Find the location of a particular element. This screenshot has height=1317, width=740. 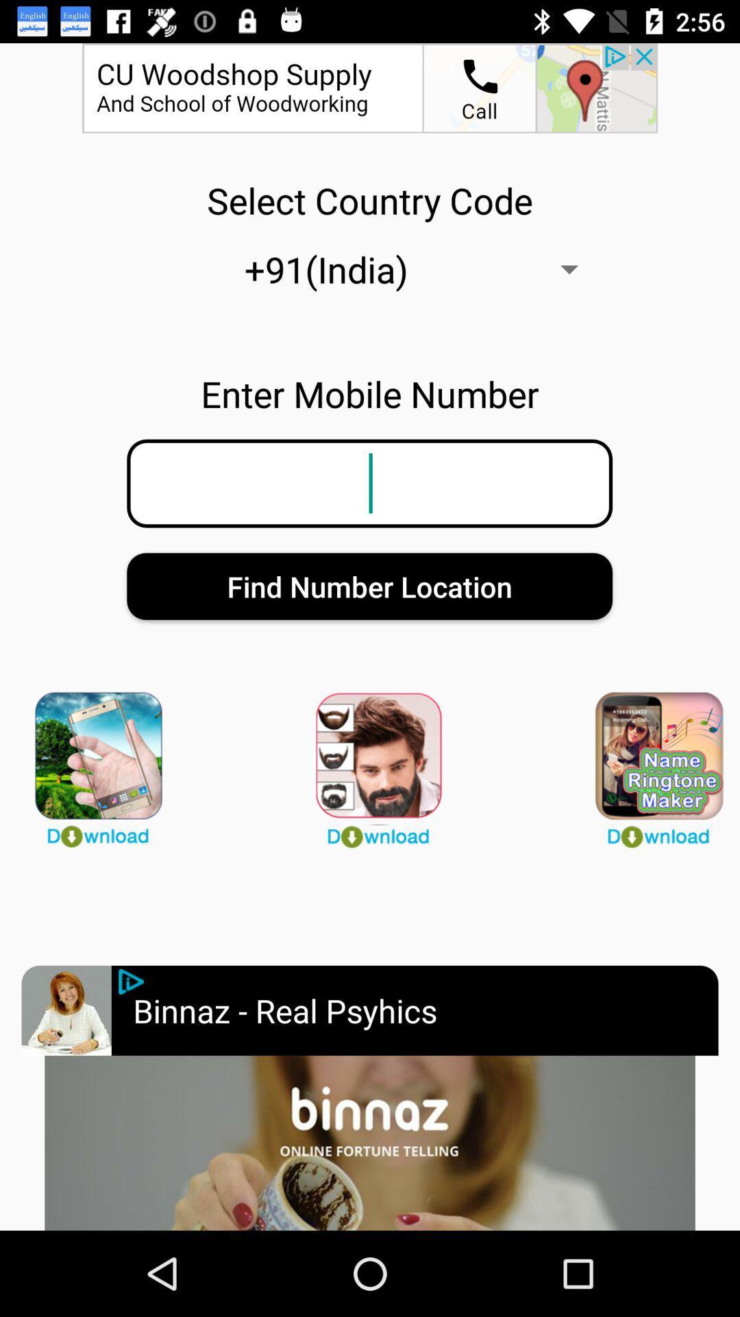

mobile number is located at coordinates (131, 981).